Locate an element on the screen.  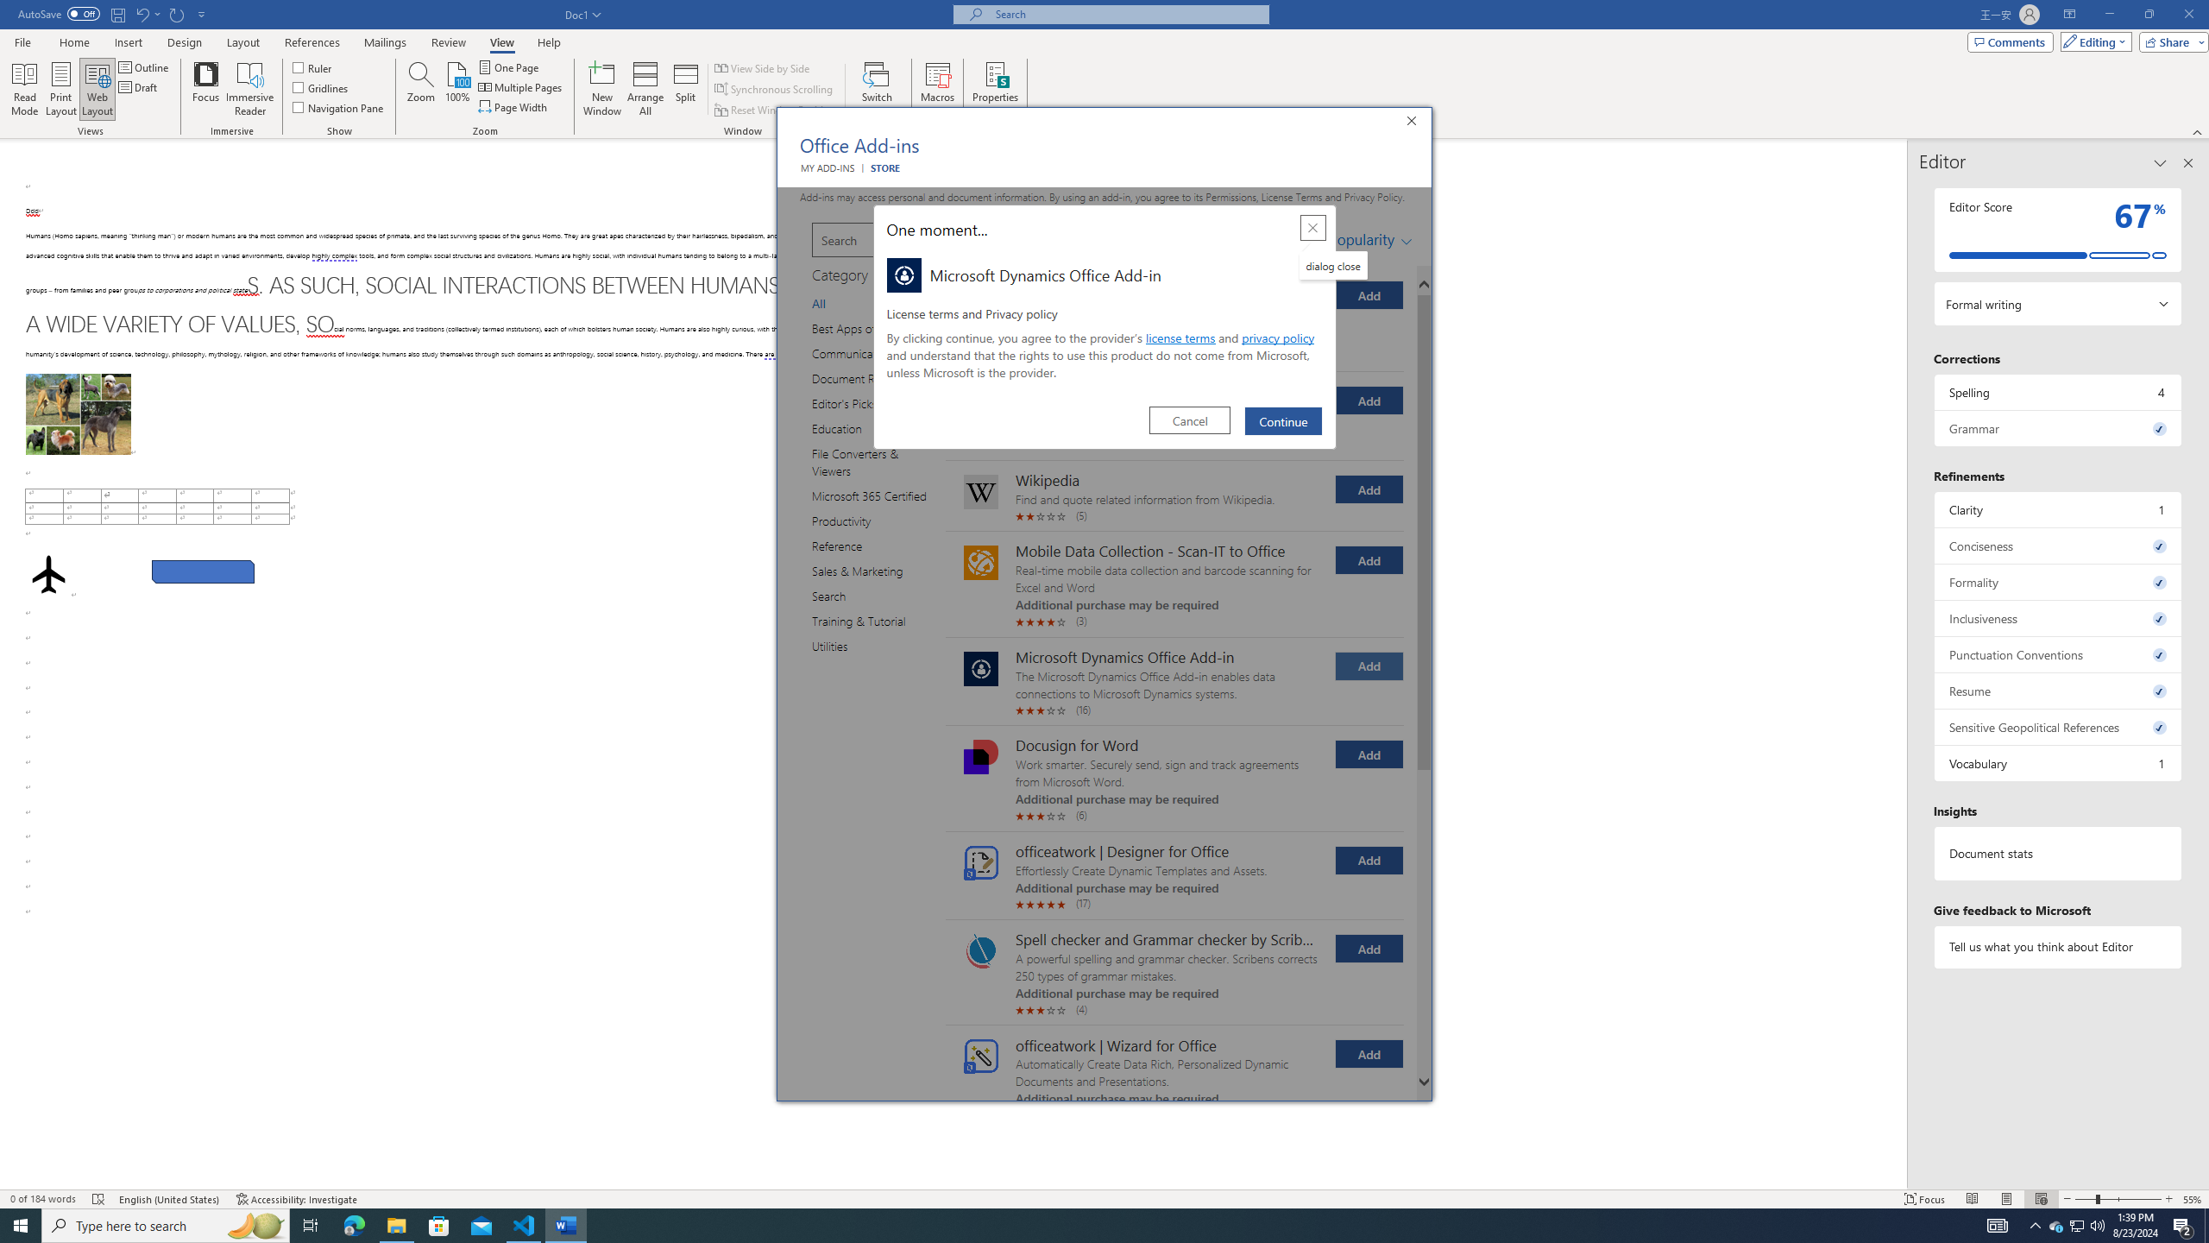
'100%' is located at coordinates (456, 89).